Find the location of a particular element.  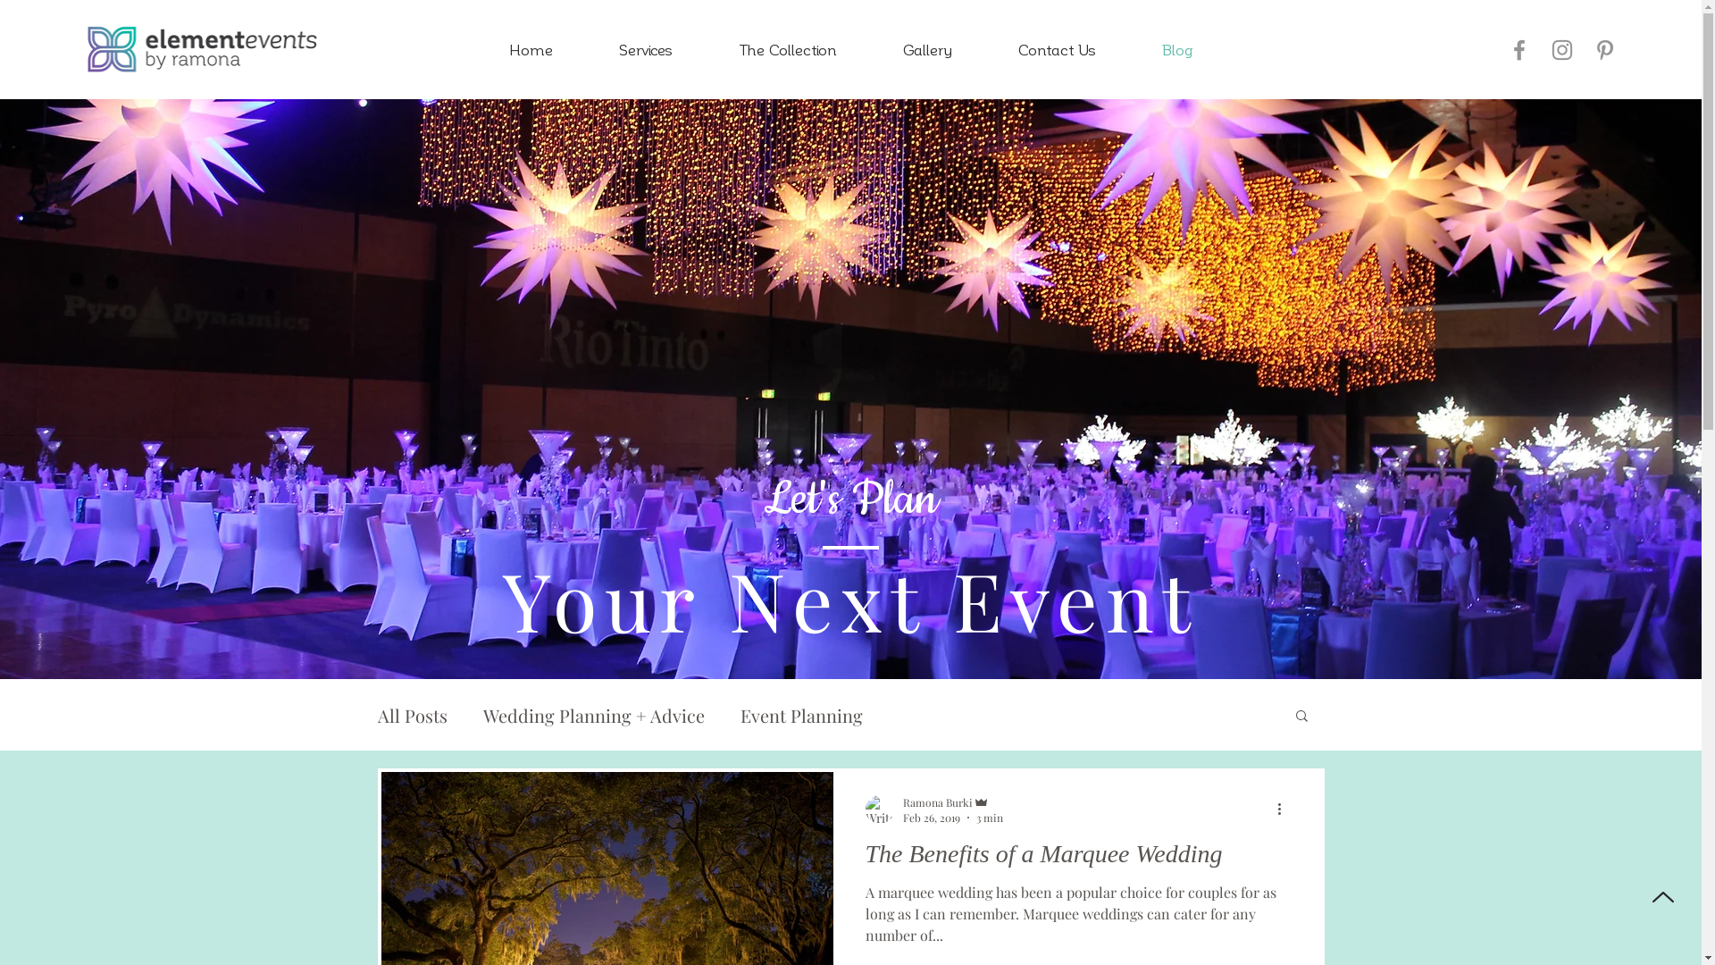

'Gallery' is located at coordinates (927, 47).